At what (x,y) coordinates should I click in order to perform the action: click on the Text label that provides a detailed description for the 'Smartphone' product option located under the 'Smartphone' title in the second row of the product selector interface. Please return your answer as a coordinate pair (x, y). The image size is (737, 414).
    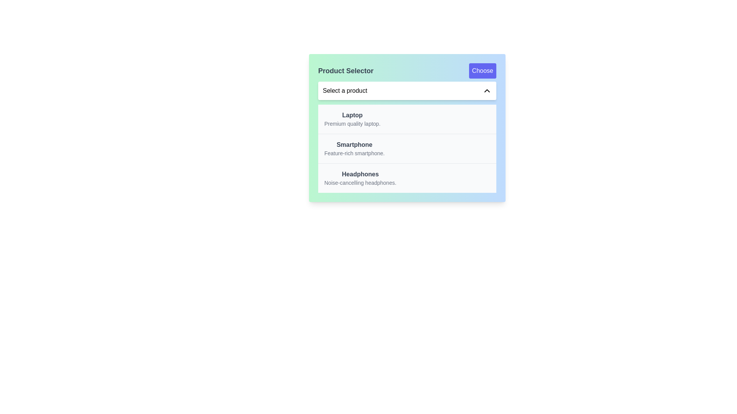
    Looking at the image, I should click on (354, 153).